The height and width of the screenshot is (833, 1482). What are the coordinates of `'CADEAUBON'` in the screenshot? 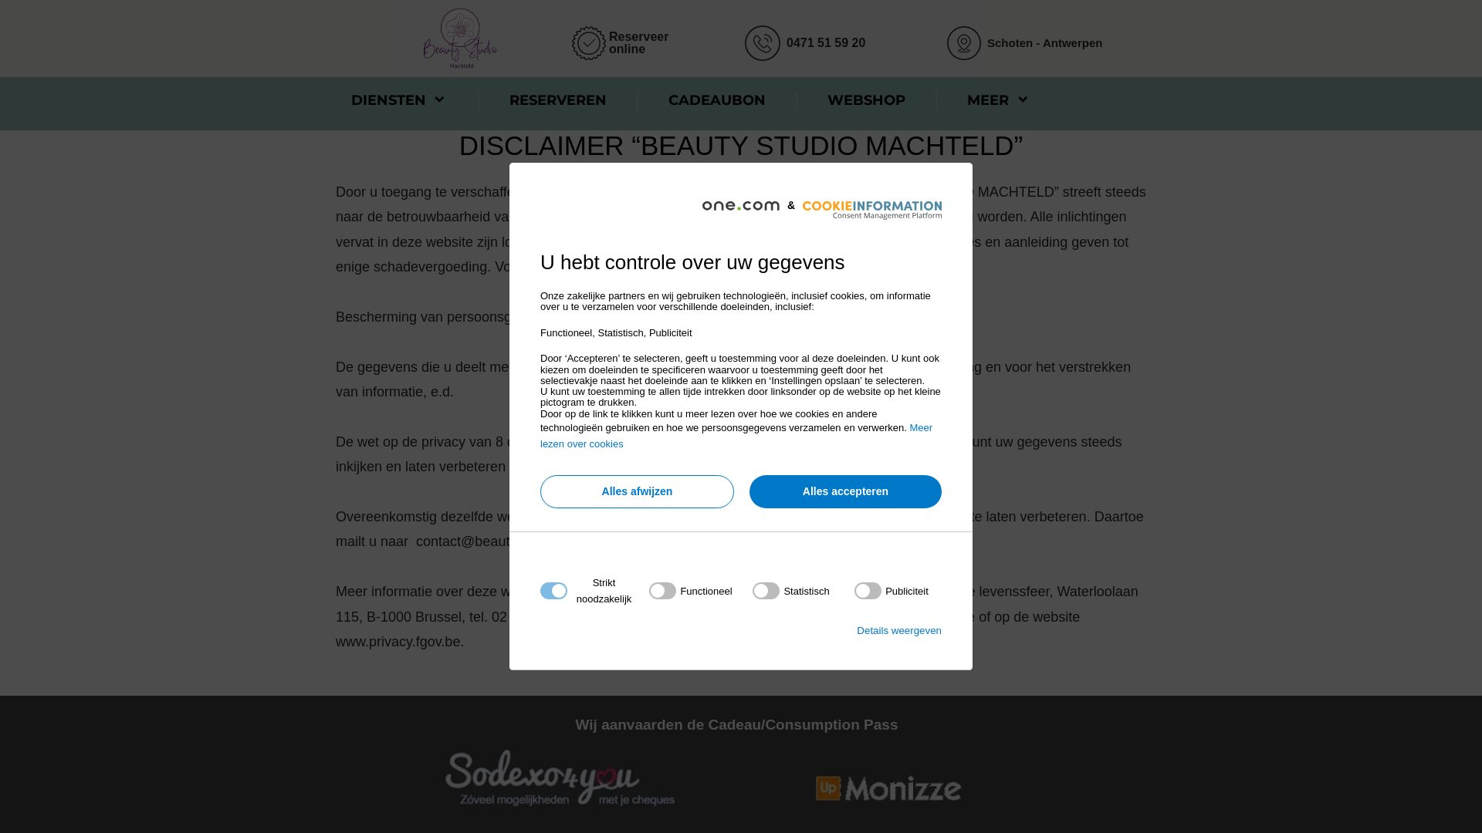 It's located at (652, 100).